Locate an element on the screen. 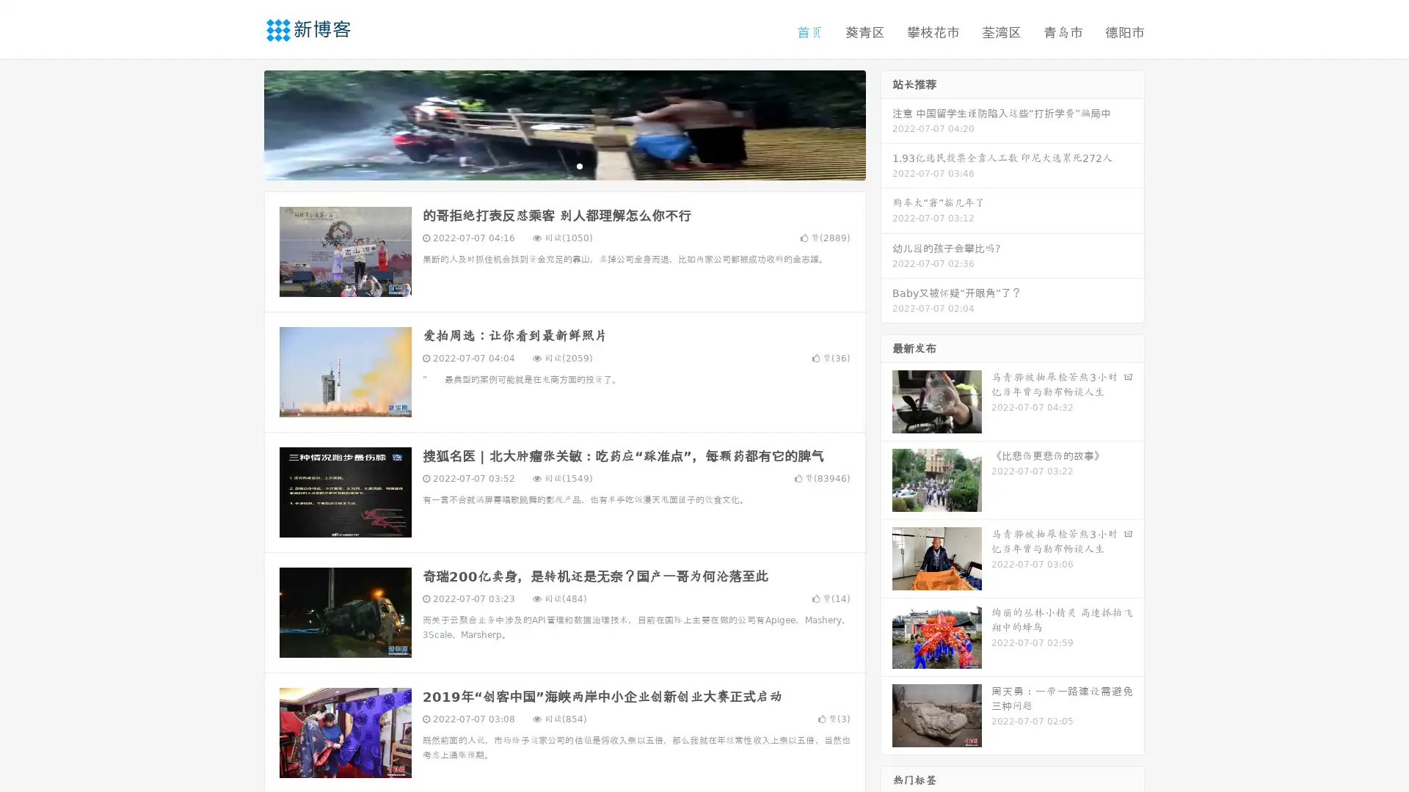 The width and height of the screenshot is (1409, 792). Next slide is located at coordinates (886, 123).